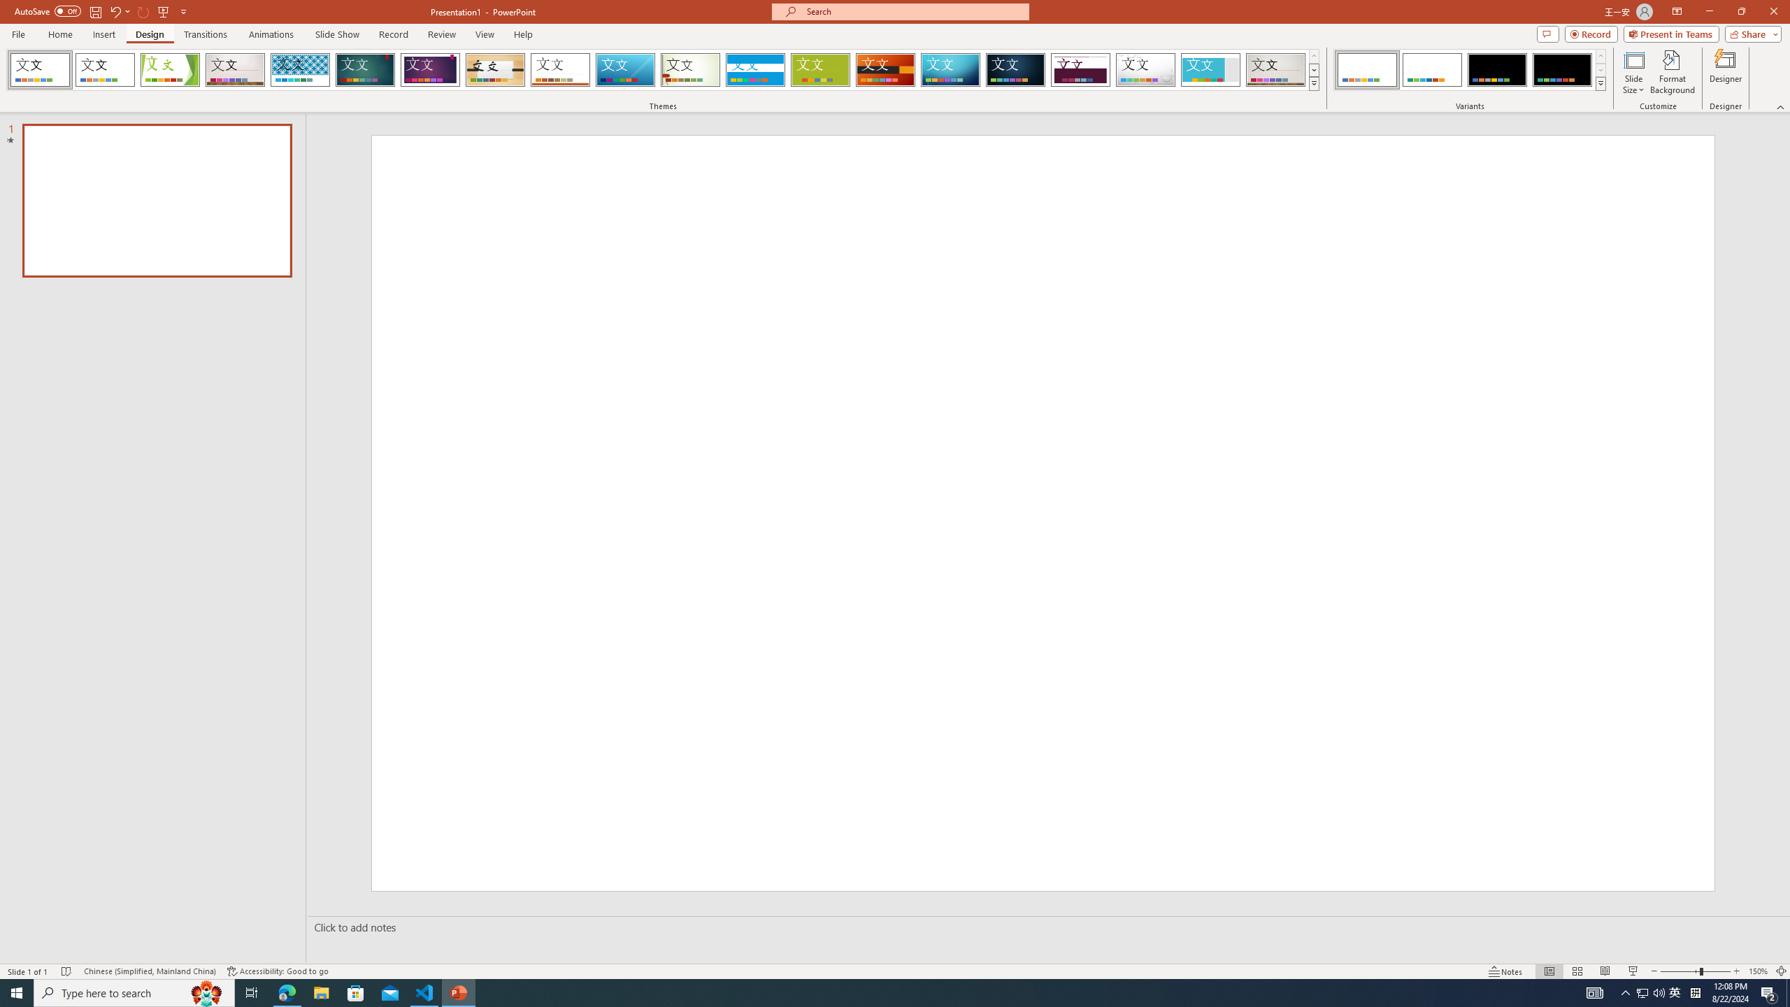  I want to click on 'Organic Loading Preview...', so click(496, 69).